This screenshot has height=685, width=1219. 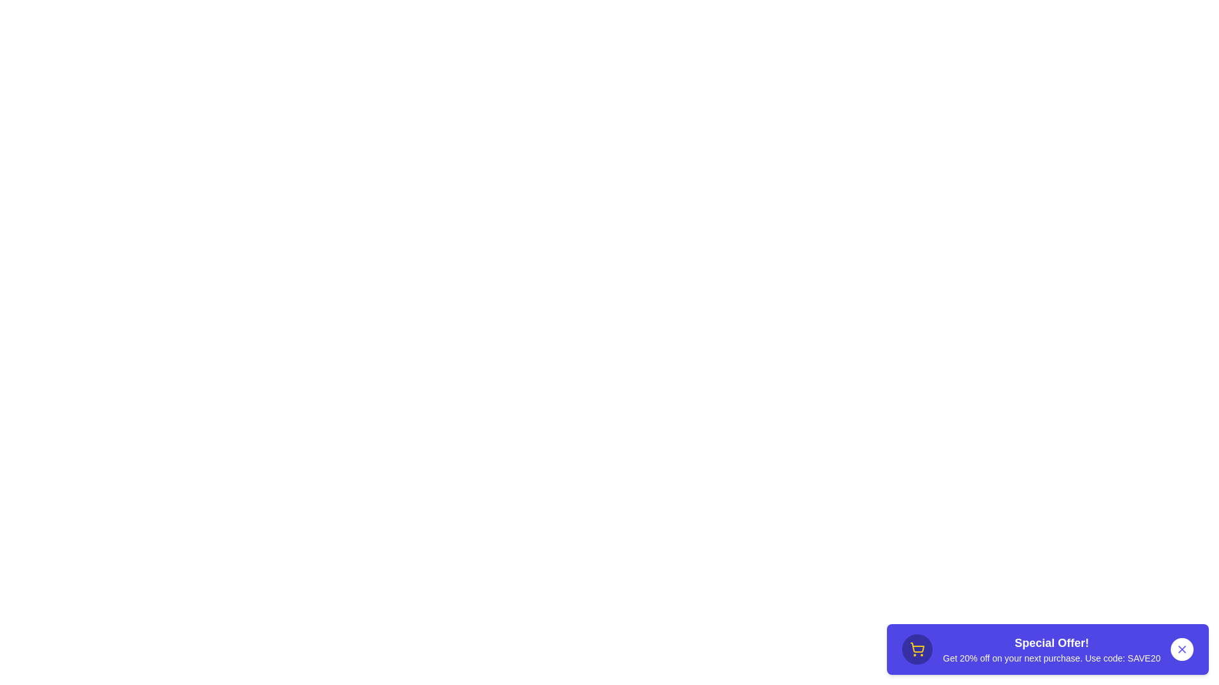 What do you see at coordinates (917, 649) in the screenshot?
I see `the shopping cart icon in the promotion snackbar` at bounding box center [917, 649].